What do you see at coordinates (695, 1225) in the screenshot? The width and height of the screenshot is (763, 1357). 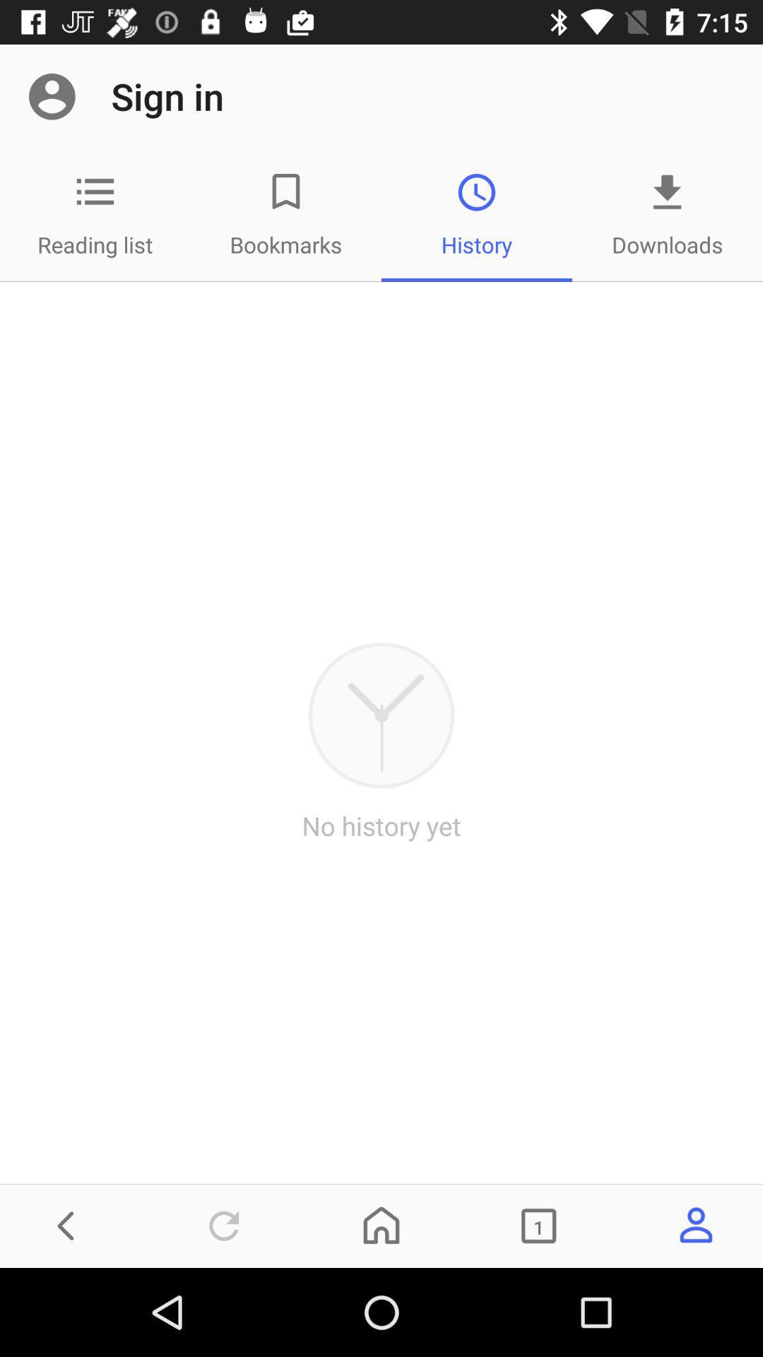 I see `the avatar icon` at bounding box center [695, 1225].